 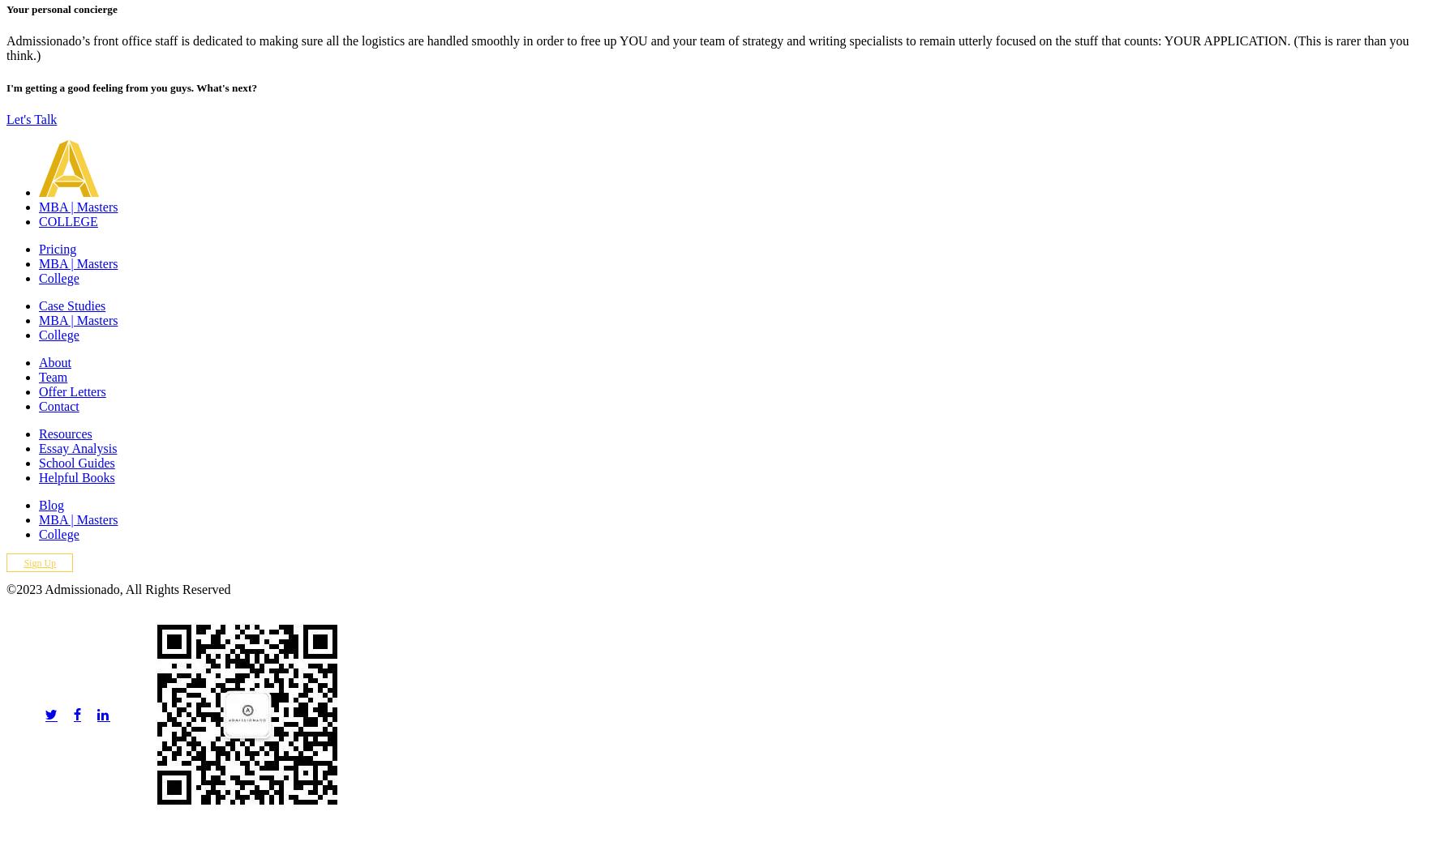 What do you see at coordinates (131, 86) in the screenshot?
I see `'I'm getting a good feeling from you guys. What's next?'` at bounding box center [131, 86].